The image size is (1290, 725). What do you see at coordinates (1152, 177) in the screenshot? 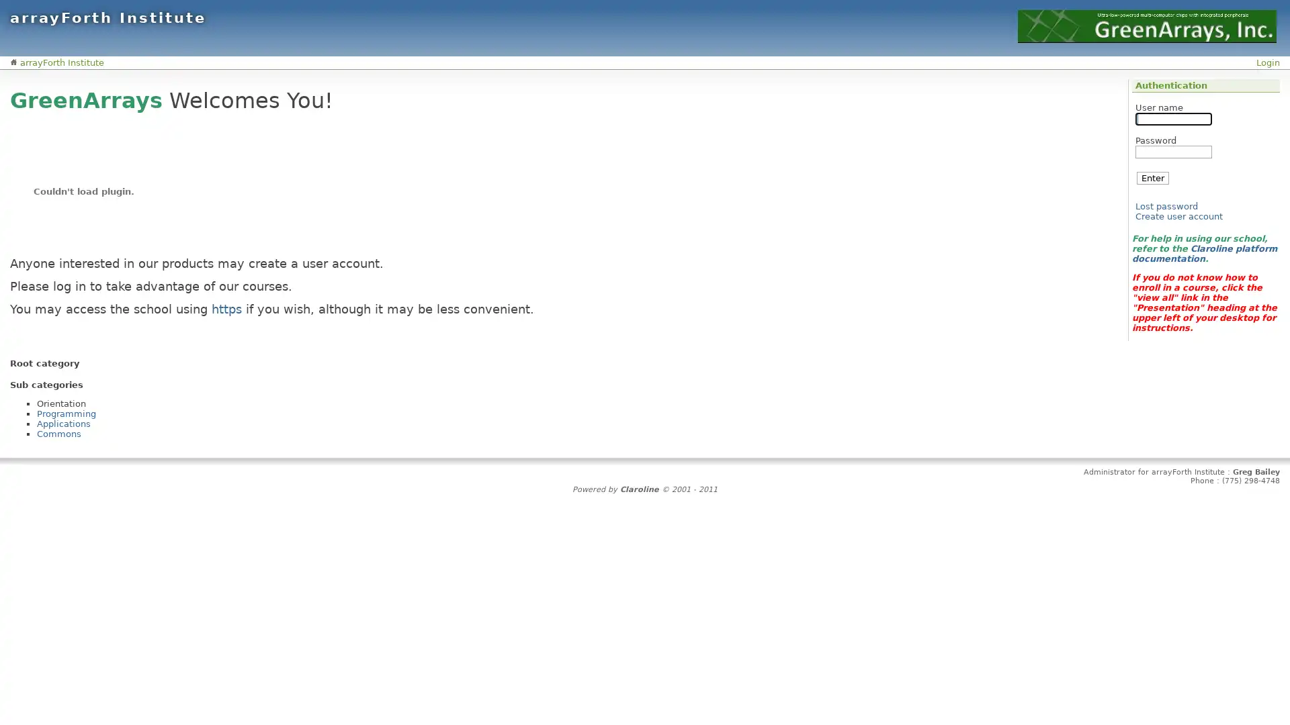
I see `Enter` at bounding box center [1152, 177].